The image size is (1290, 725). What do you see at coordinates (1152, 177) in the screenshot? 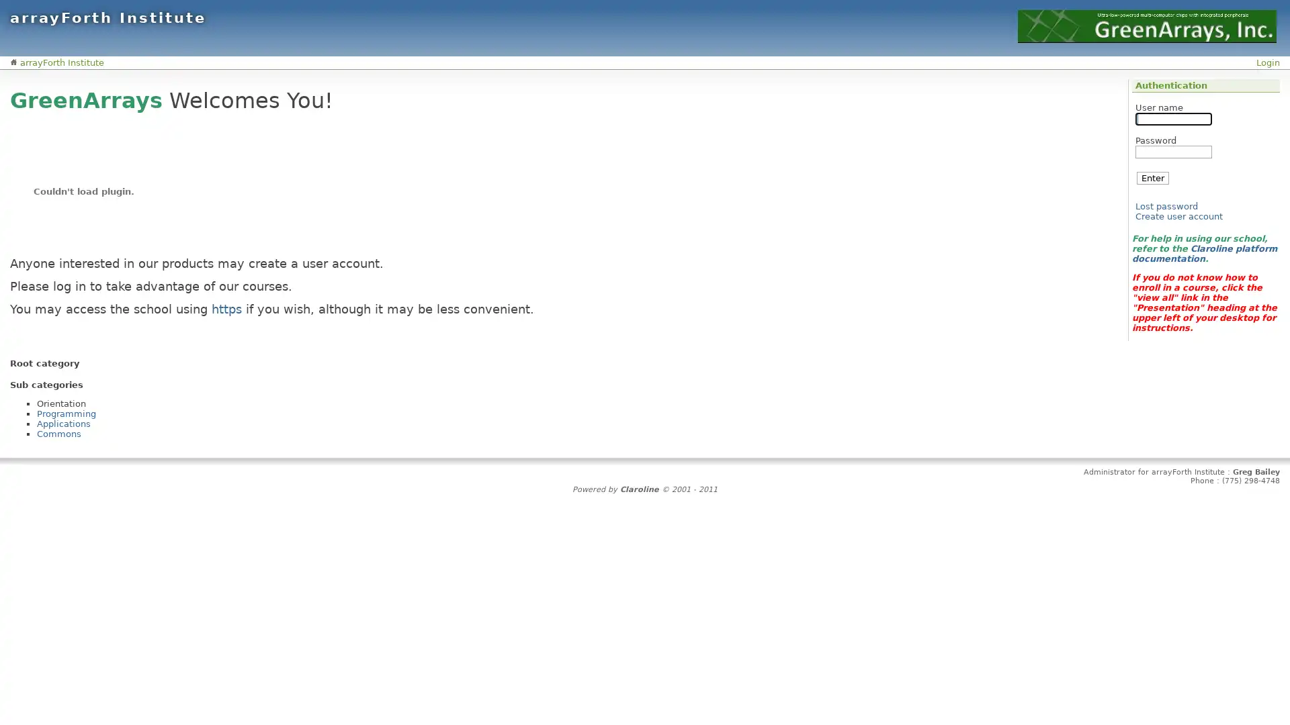
I see `Enter` at bounding box center [1152, 177].